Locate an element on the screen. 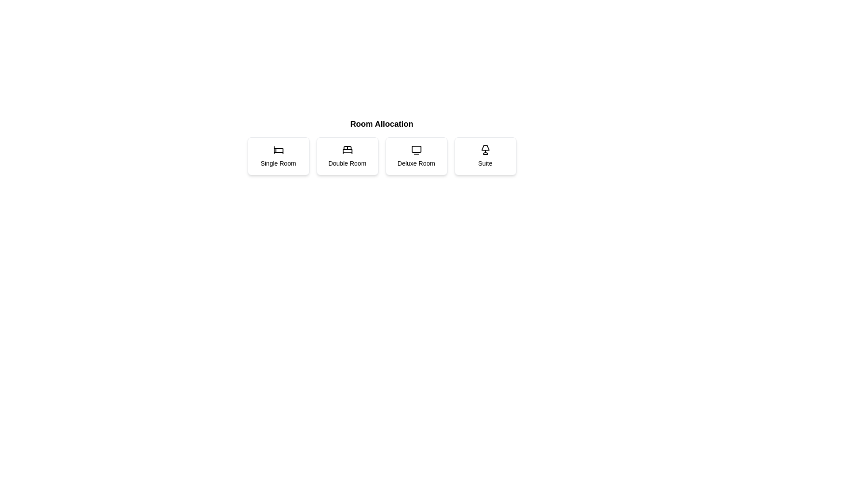 Image resolution: width=849 pixels, height=477 pixels. the button corresponding to the room type Single Room is located at coordinates (278, 156).